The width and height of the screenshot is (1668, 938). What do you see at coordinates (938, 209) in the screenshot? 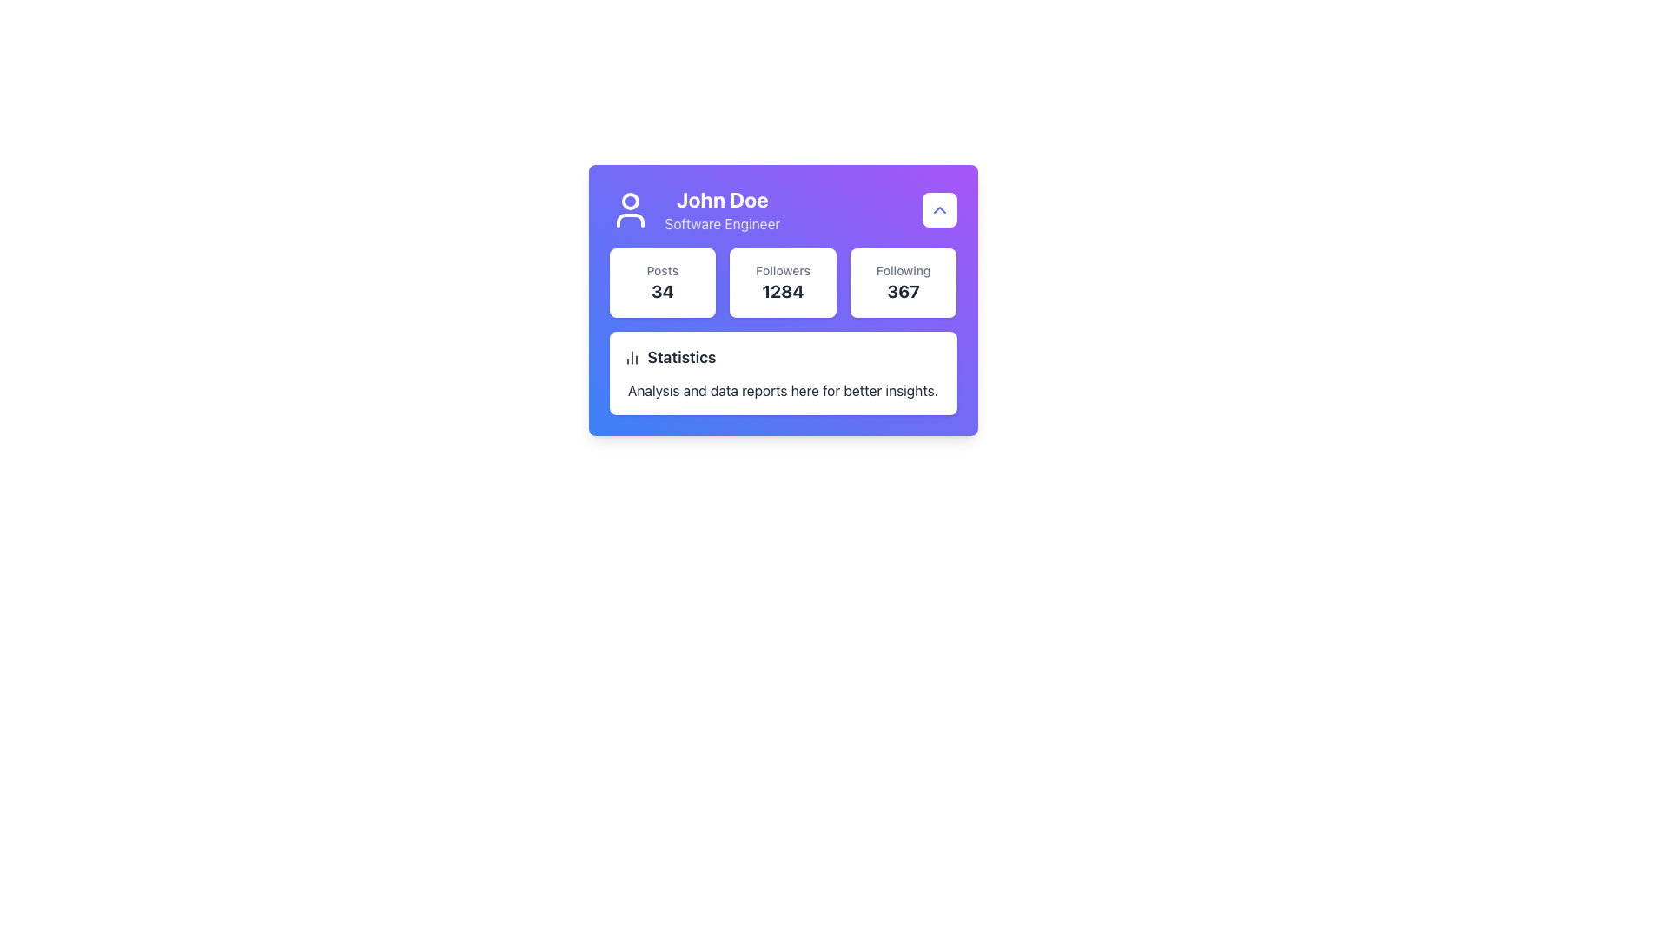
I see `the small button with a white background and indigo up-arrow icon located at the top-right corner of the card for 'John Doe, Software Engineer'` at bounding box center [938, 209].